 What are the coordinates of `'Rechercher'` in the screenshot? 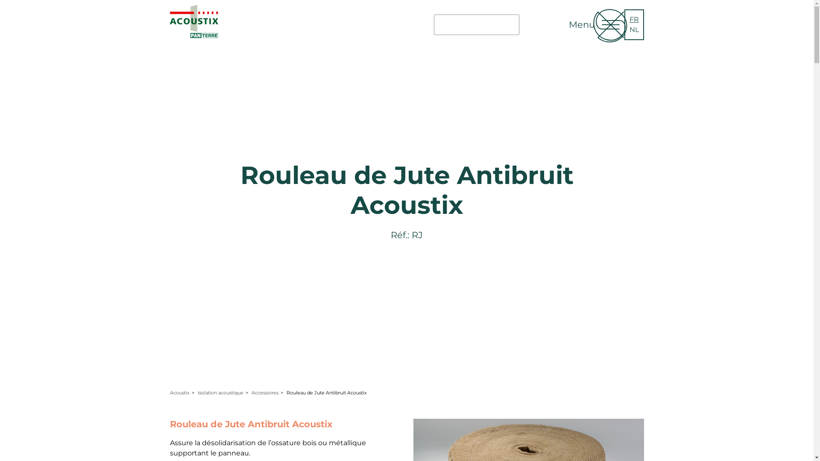 It's located at (533, 31).